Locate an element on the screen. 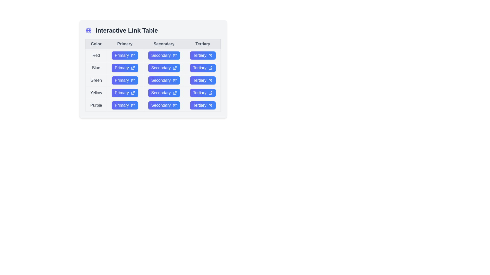 The width and height of the screenshot is (490, 275). the interactive link labeled 'Secondary' in the fourth row of the table to observe any interactive effects is located at coordinates (153, 93).